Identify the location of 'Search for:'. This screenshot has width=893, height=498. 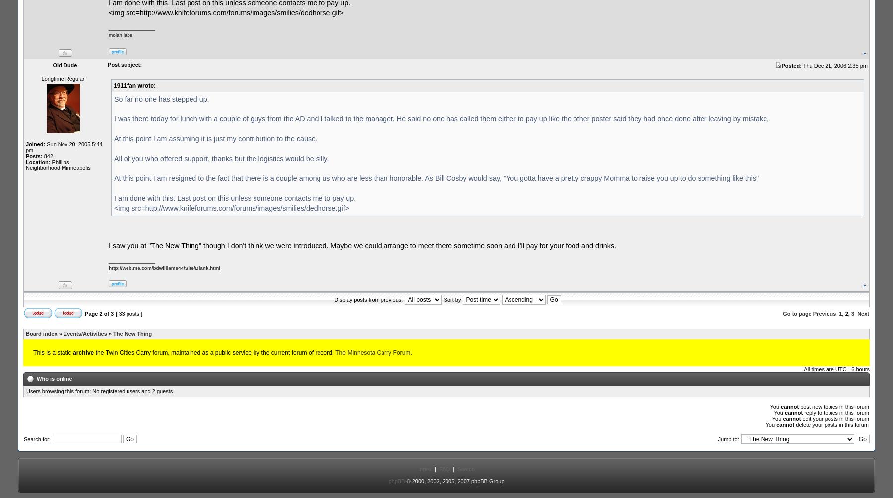
(36, 439).